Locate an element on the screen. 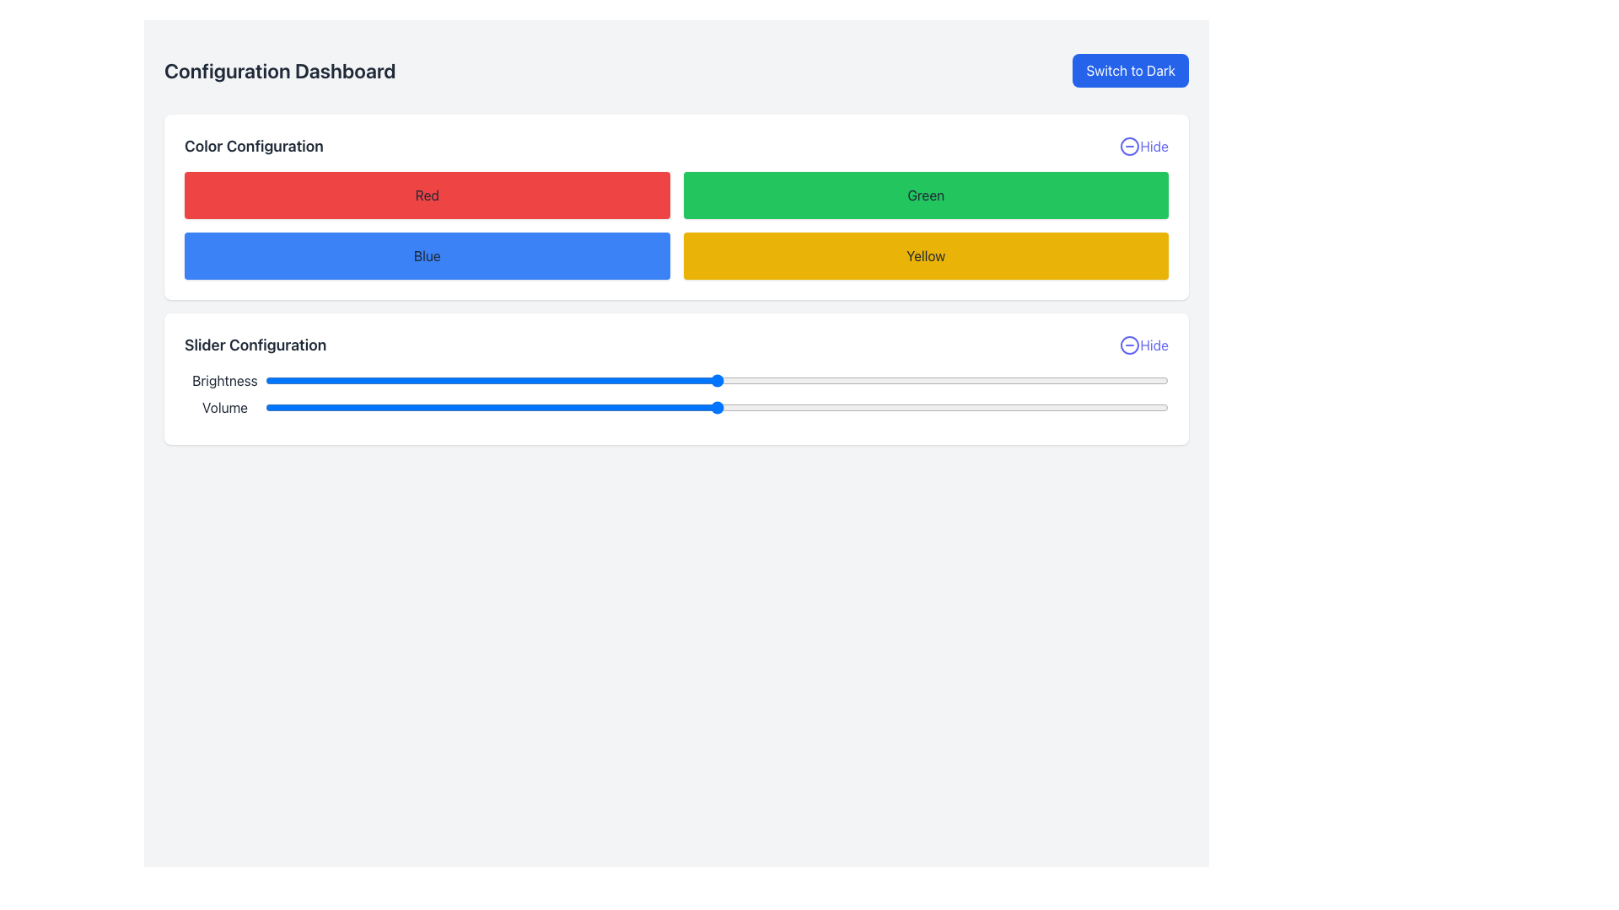 The image size is (1619, 910). volume is located at coordinates (1006, 407).